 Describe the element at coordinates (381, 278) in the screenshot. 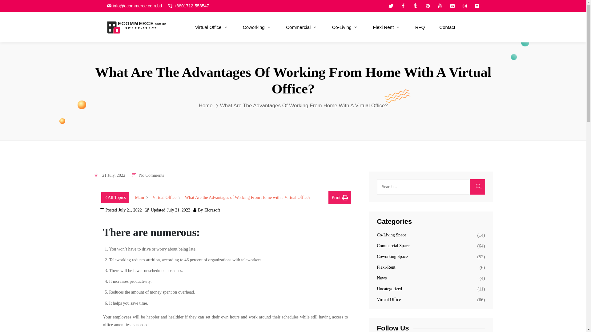

I see `'News'` at that location.